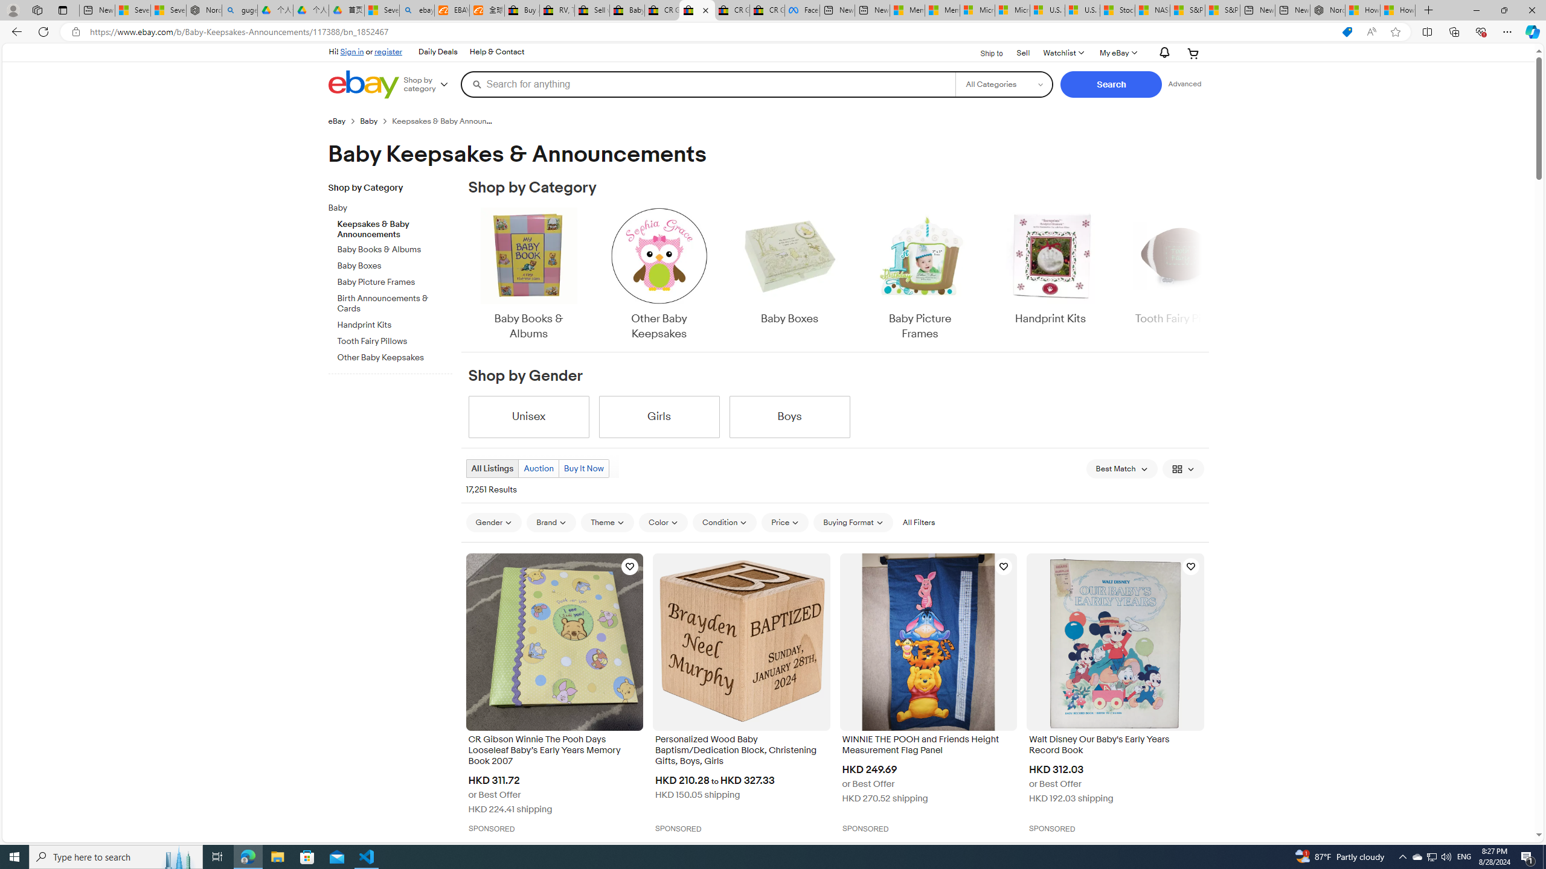  What do you see at coordinates (528, 275) in the screenshot?
I see `'Baby Books & Albums'` at bounding box center [528, 275].